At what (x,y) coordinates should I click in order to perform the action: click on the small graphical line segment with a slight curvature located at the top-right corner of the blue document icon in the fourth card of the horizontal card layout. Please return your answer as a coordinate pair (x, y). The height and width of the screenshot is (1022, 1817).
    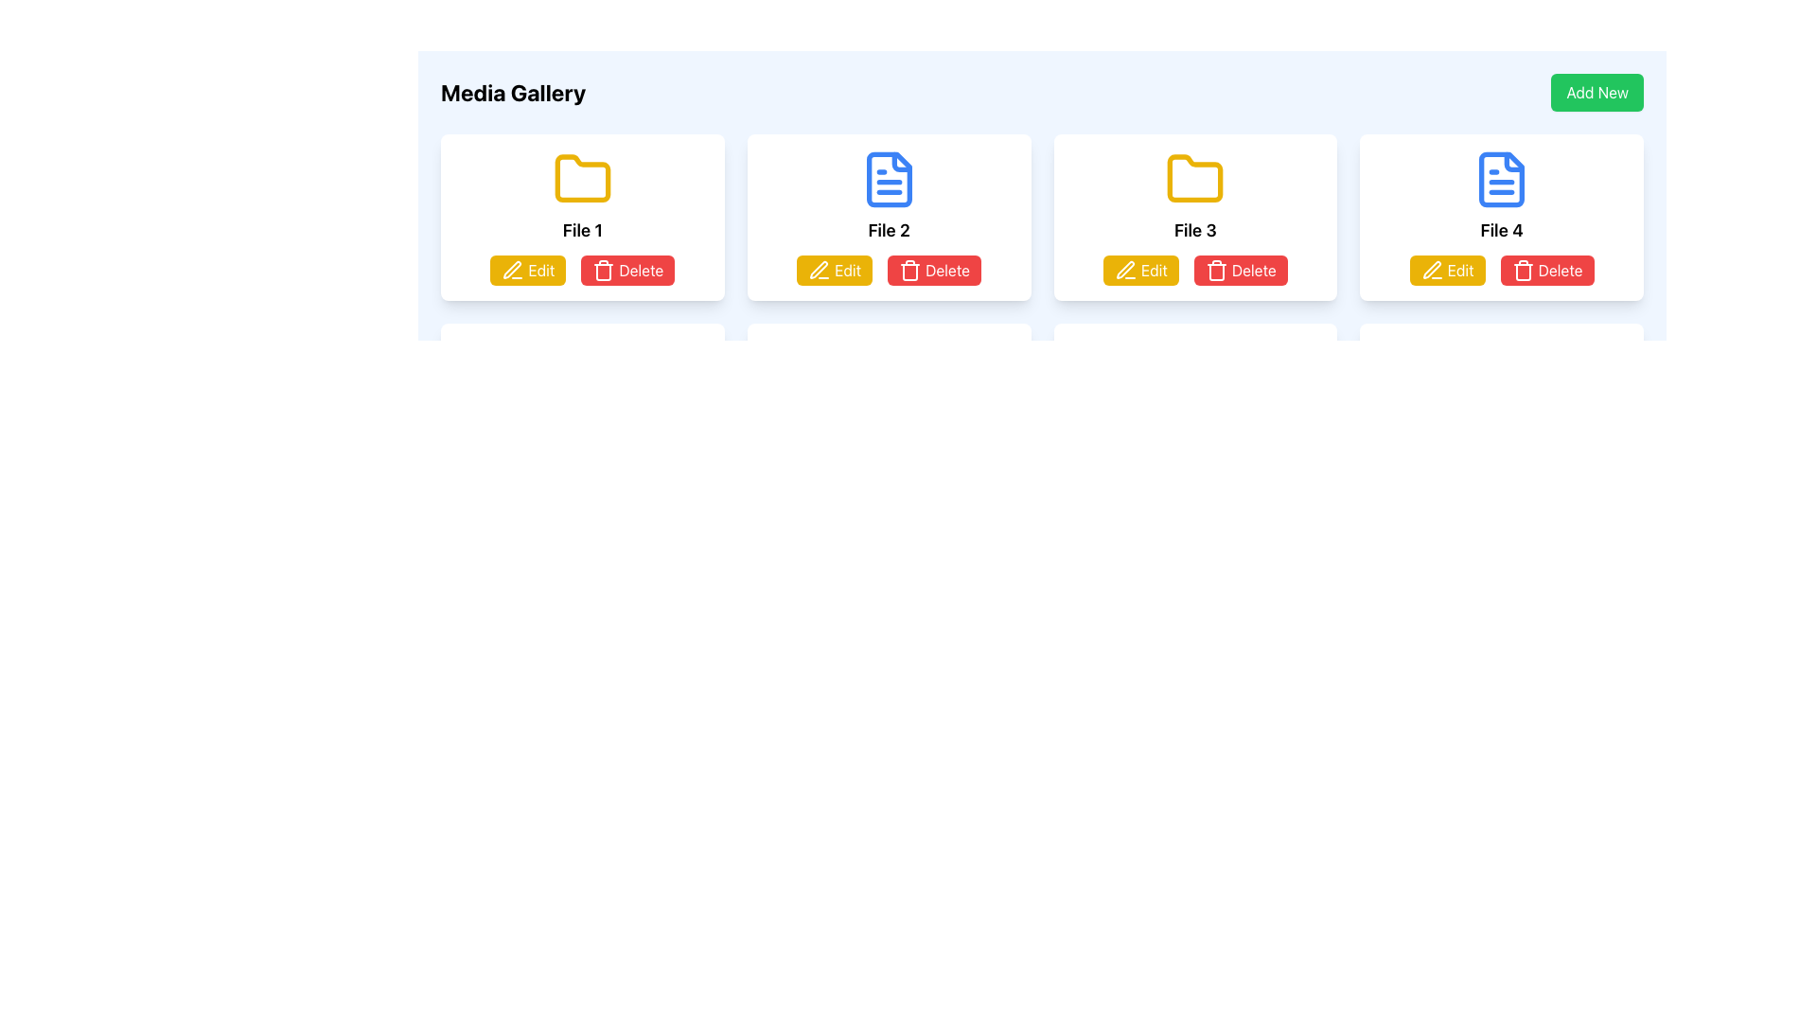
    Looking at the image, I should click on (1514, 161).